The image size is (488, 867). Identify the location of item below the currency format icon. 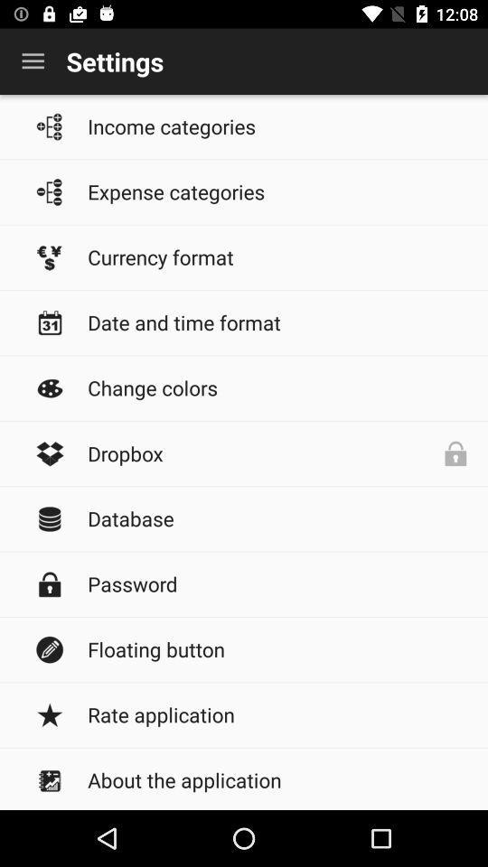
(278, 322).